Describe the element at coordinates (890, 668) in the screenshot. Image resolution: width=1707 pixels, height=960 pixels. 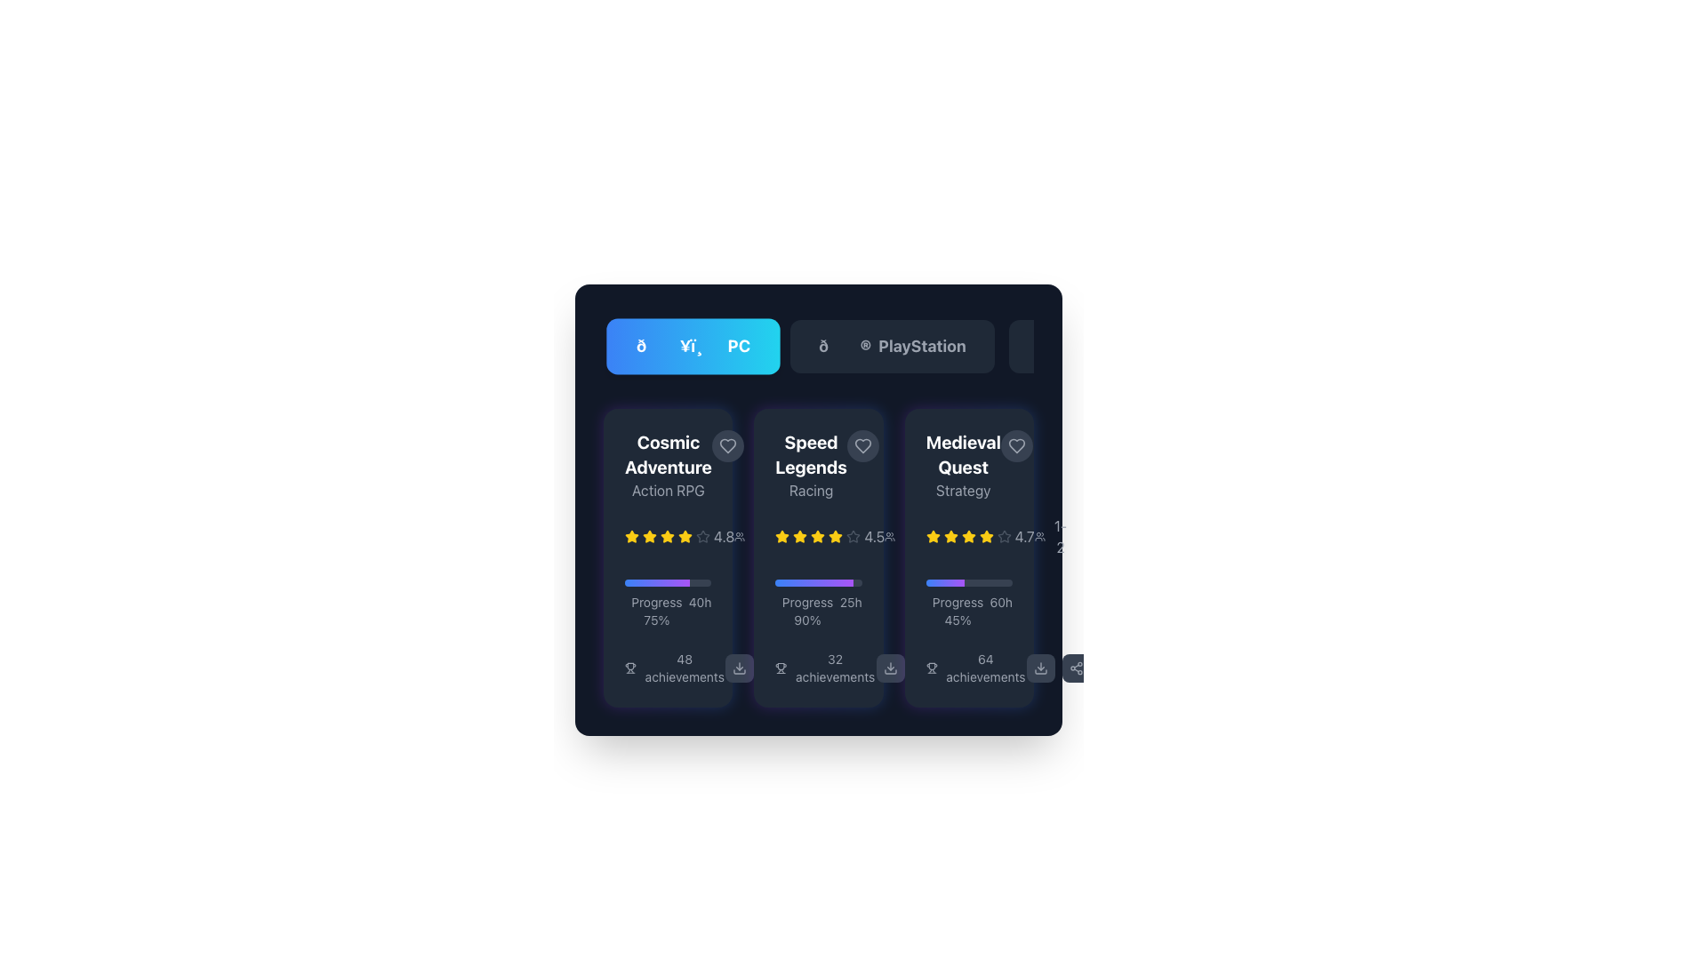
I see `the download button located at the bottom-right corner of the 'Speed Legends' card` at that location.